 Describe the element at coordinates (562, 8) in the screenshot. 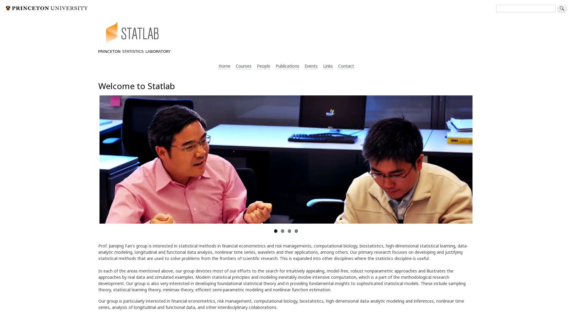

I see `Search` at that location.